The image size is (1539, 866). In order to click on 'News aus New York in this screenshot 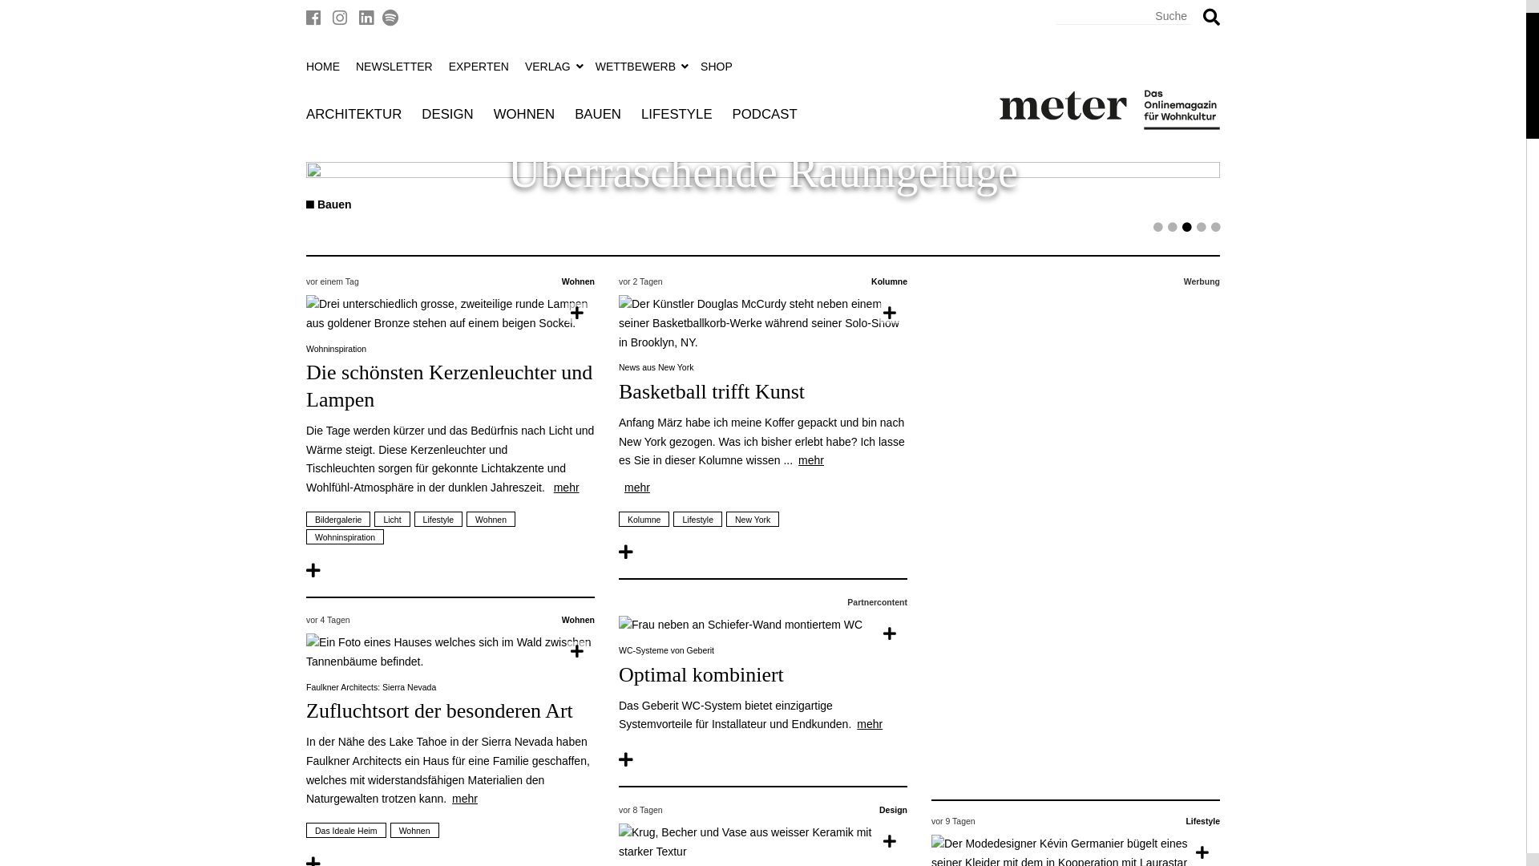, I will do `click(761, 383)`.